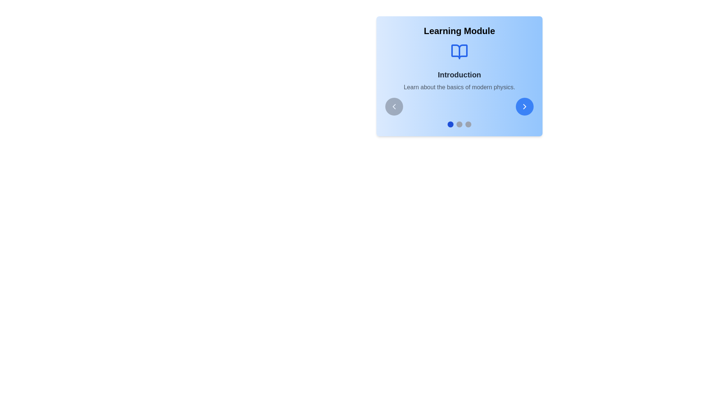 Image resolution: width=712 pixels, height=400 pixels. Describe the element at coordinates (459, 74) in the screenshot. I see `the text label that serves as a header for the section, positioned below 'Learning Module' and an open book icon, and above a smaller text description` at that location.